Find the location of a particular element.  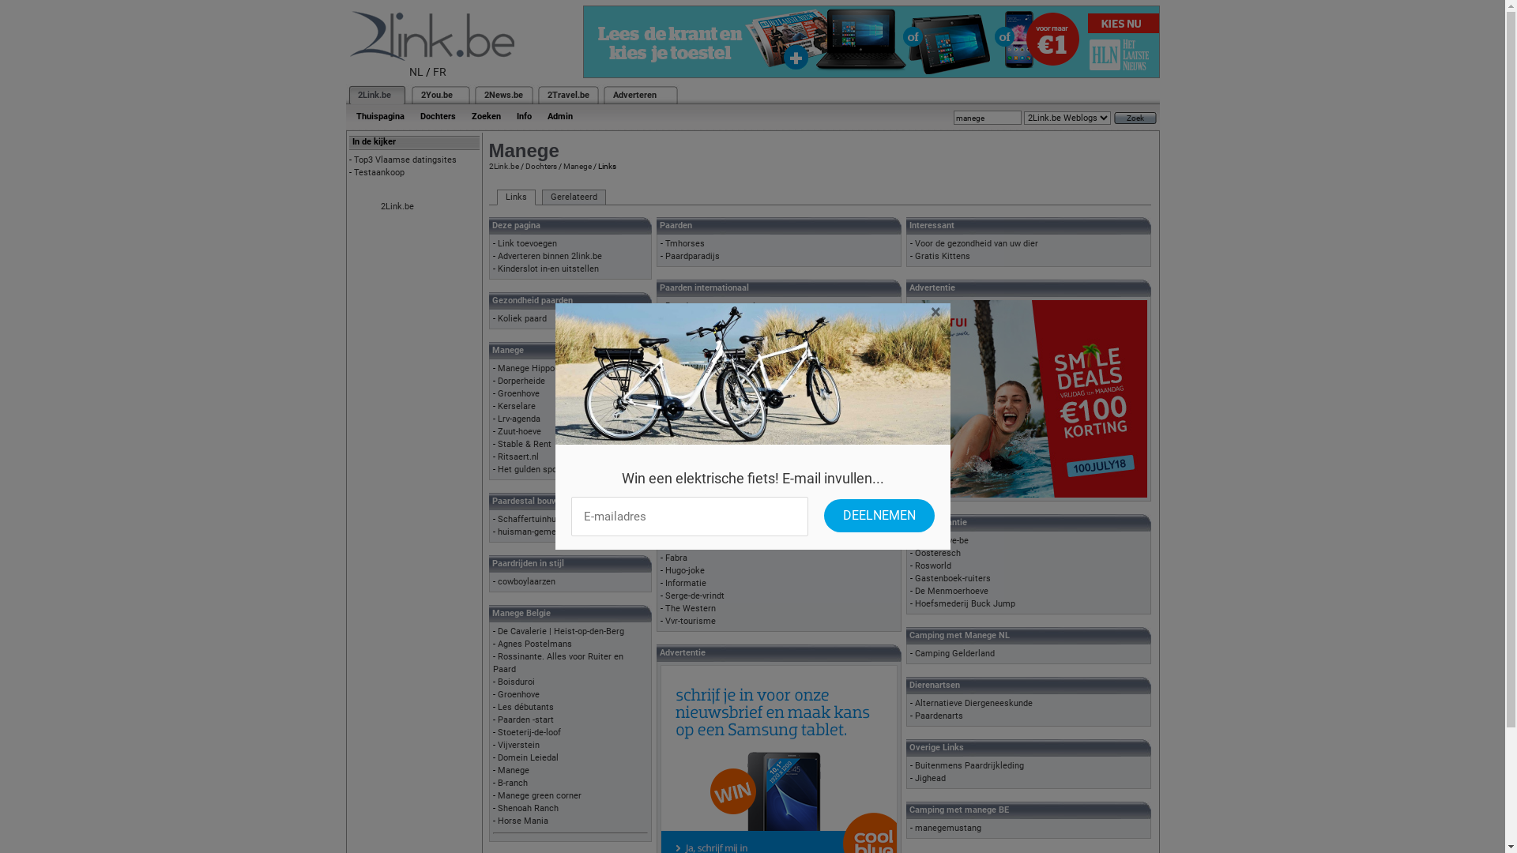

'Groenhove-be' is located at coordinates (941, 539).